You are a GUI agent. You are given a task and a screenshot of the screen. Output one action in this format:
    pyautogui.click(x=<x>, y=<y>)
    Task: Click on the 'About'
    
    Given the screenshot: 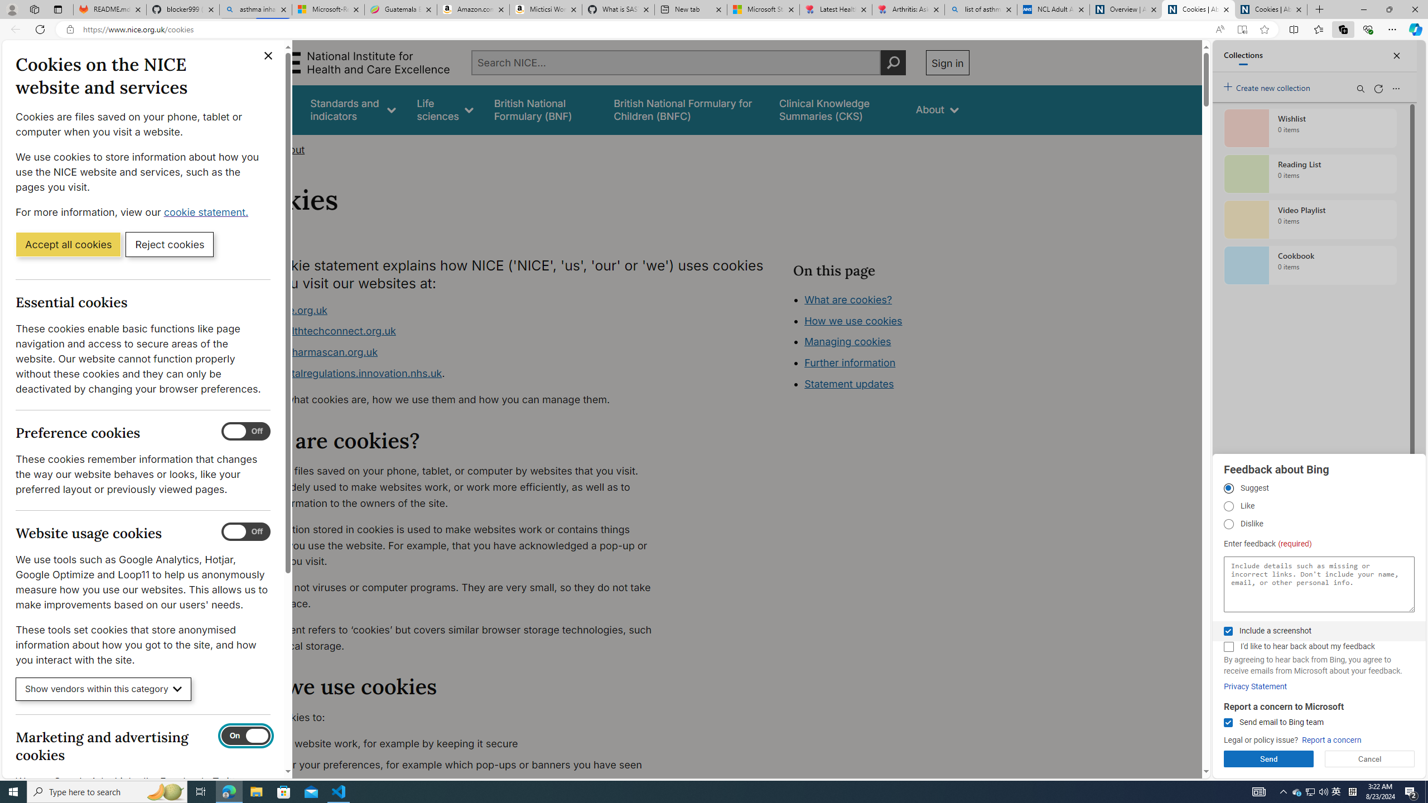 What is the action you would take?
    pyautogui.click(x=937, y=109)
    